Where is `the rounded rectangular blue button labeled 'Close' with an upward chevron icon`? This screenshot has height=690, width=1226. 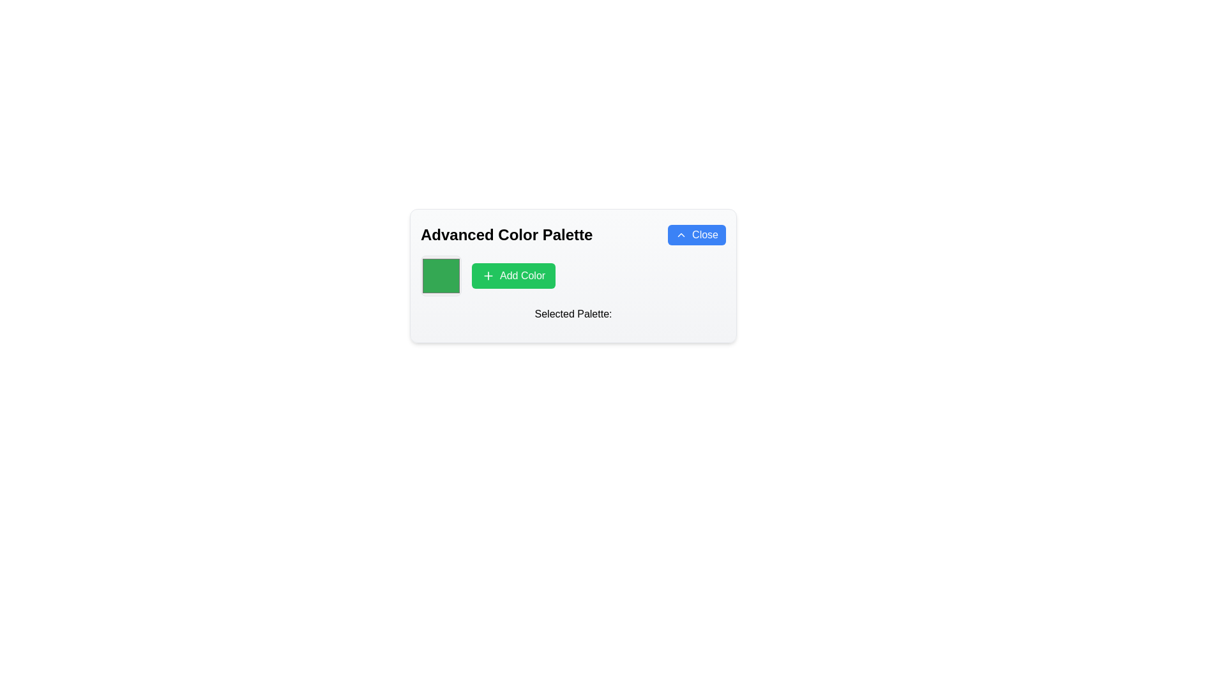
the rounded rectangular blue button labeled 'Close' with an upward chevron icon is located at coordinates (696, 234).